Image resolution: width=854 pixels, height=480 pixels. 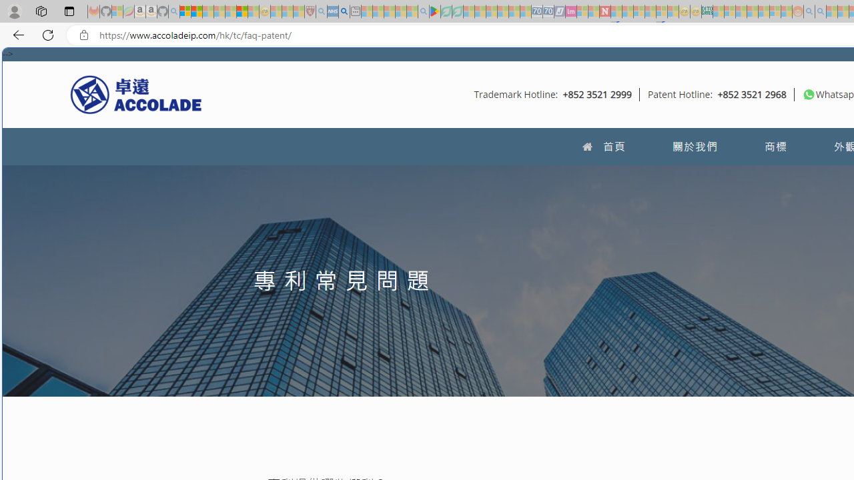 I want to click on 'Latest Politics News & Archive | Newsweek.com - Sleeping', so click(x=604, y=11).